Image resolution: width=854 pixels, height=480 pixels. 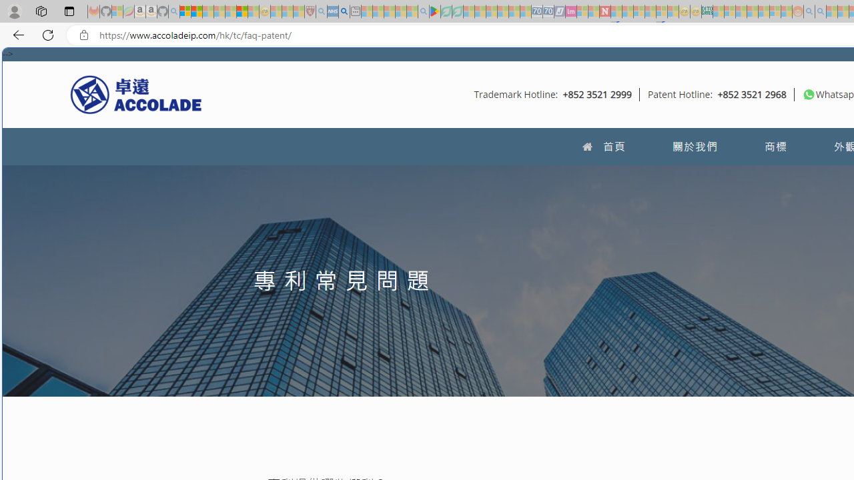 I want to click on 'Latest Politics News & Archive | Newsweek.com - Sleeping', so click(x=604, y=11).